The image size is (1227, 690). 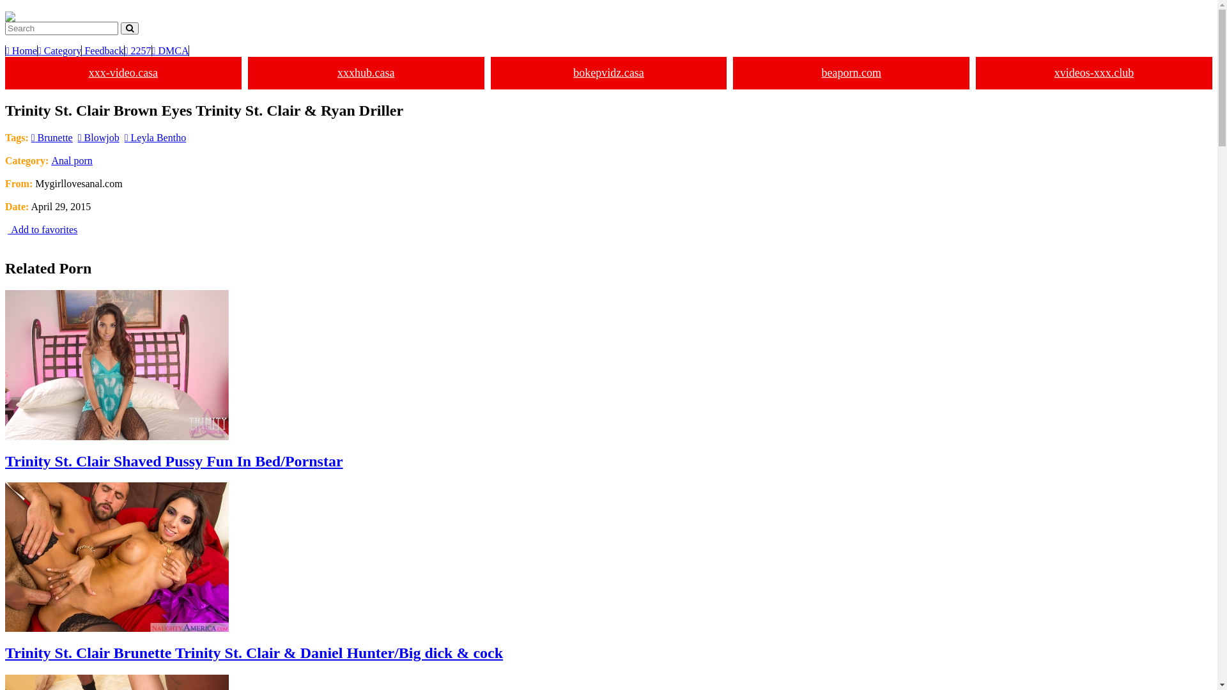 I want to click on 'Feedback', so click(x=103, y=50).